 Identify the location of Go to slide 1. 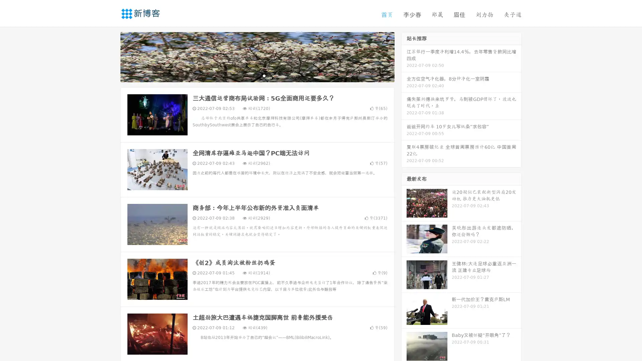
(250, 75).